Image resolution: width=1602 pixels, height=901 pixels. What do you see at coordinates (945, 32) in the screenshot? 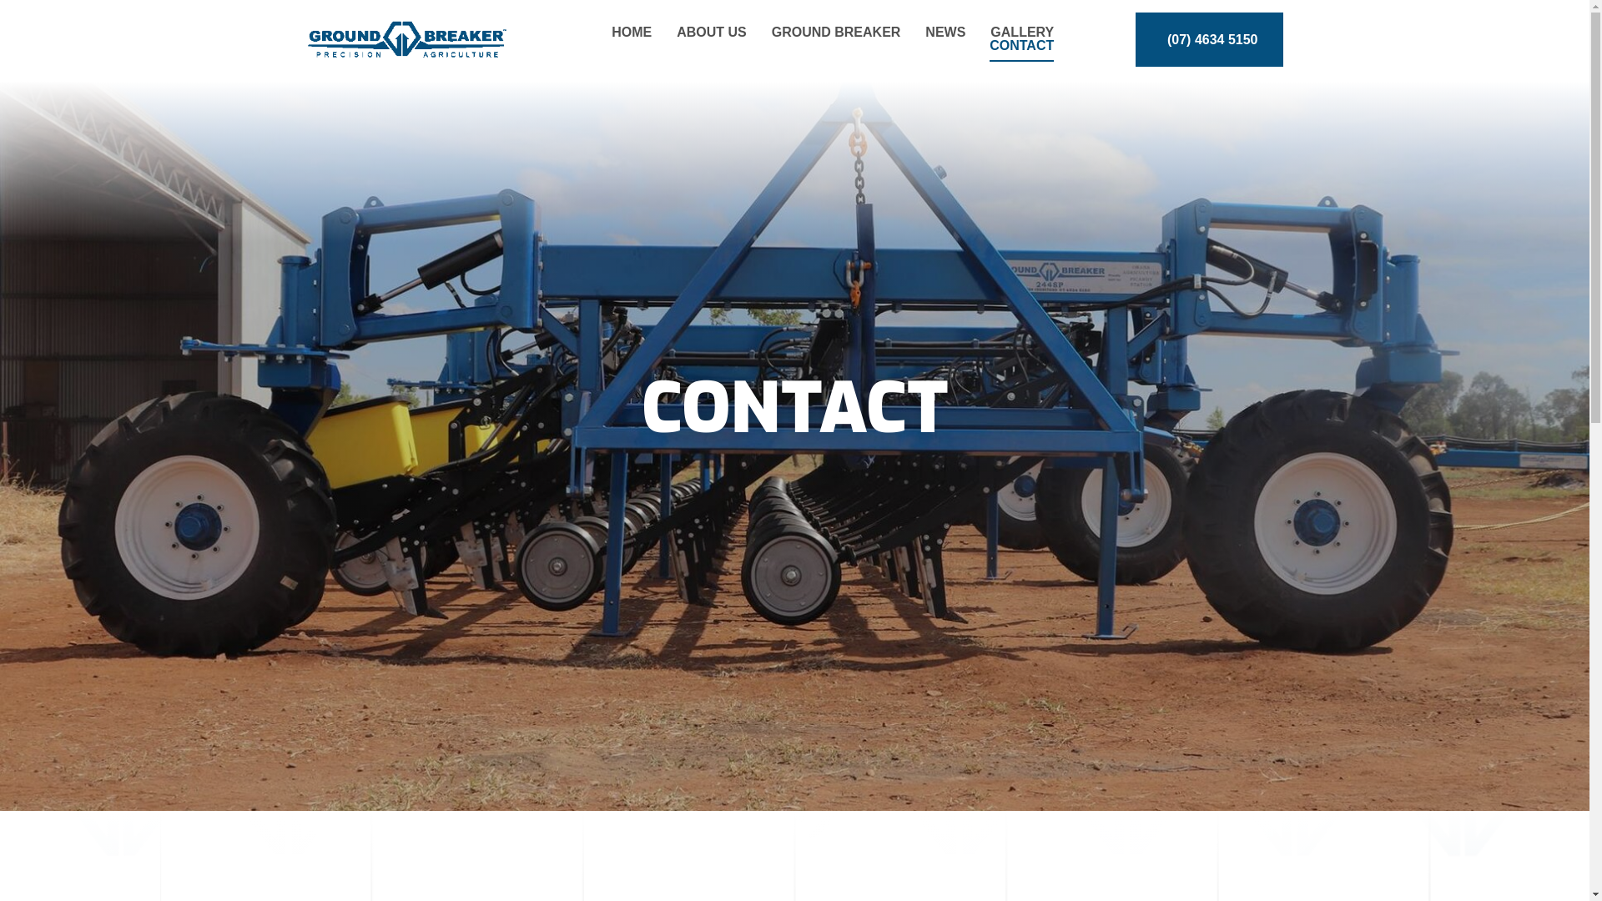
I see `'NEWS'` at bounding box center [945, 32].